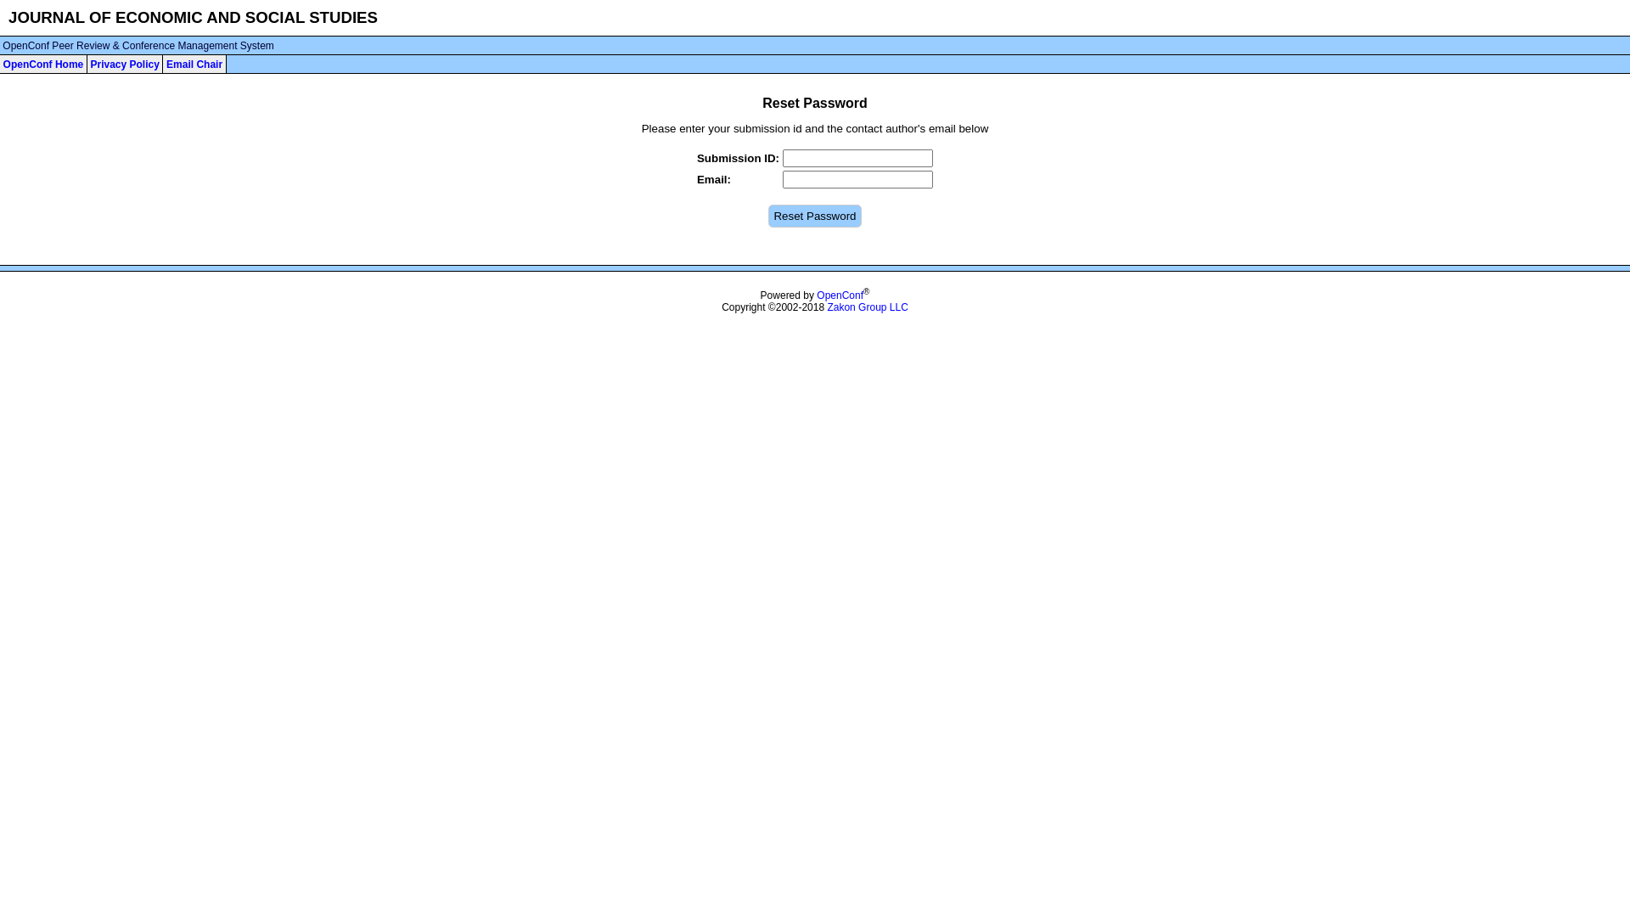 The image size is (1630, 917). What do you see at coordinates (813, 215) in the screenshot?
I see `'Reset Password'` at bounding box center [813, 215].